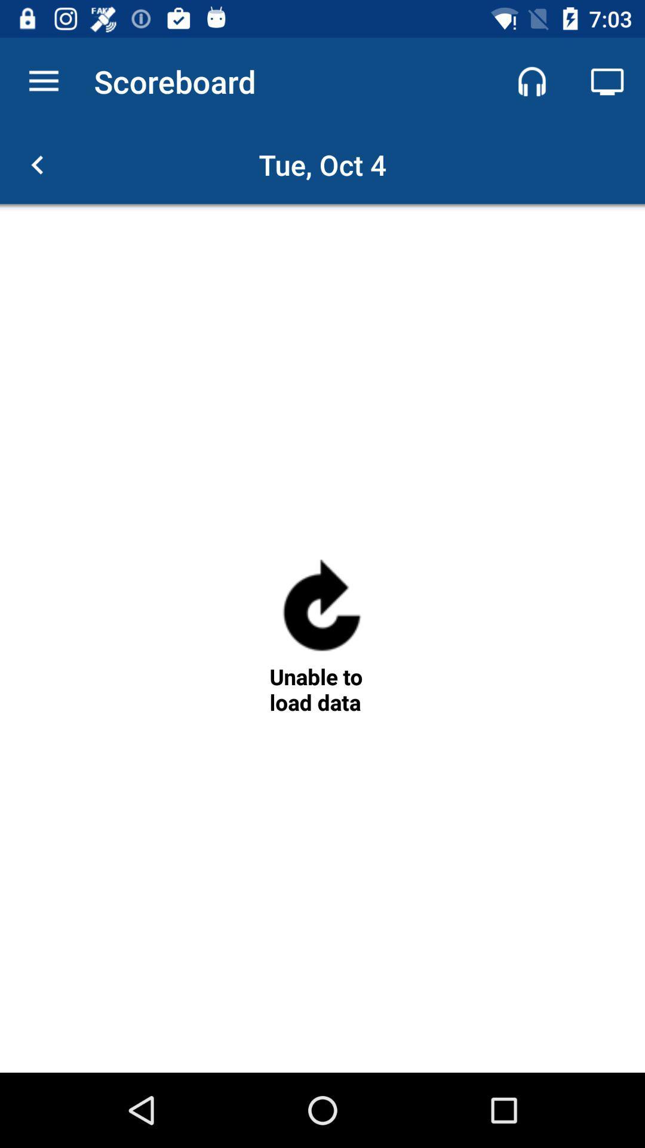  I want to click on the item above unable to load, so click(321, 610).